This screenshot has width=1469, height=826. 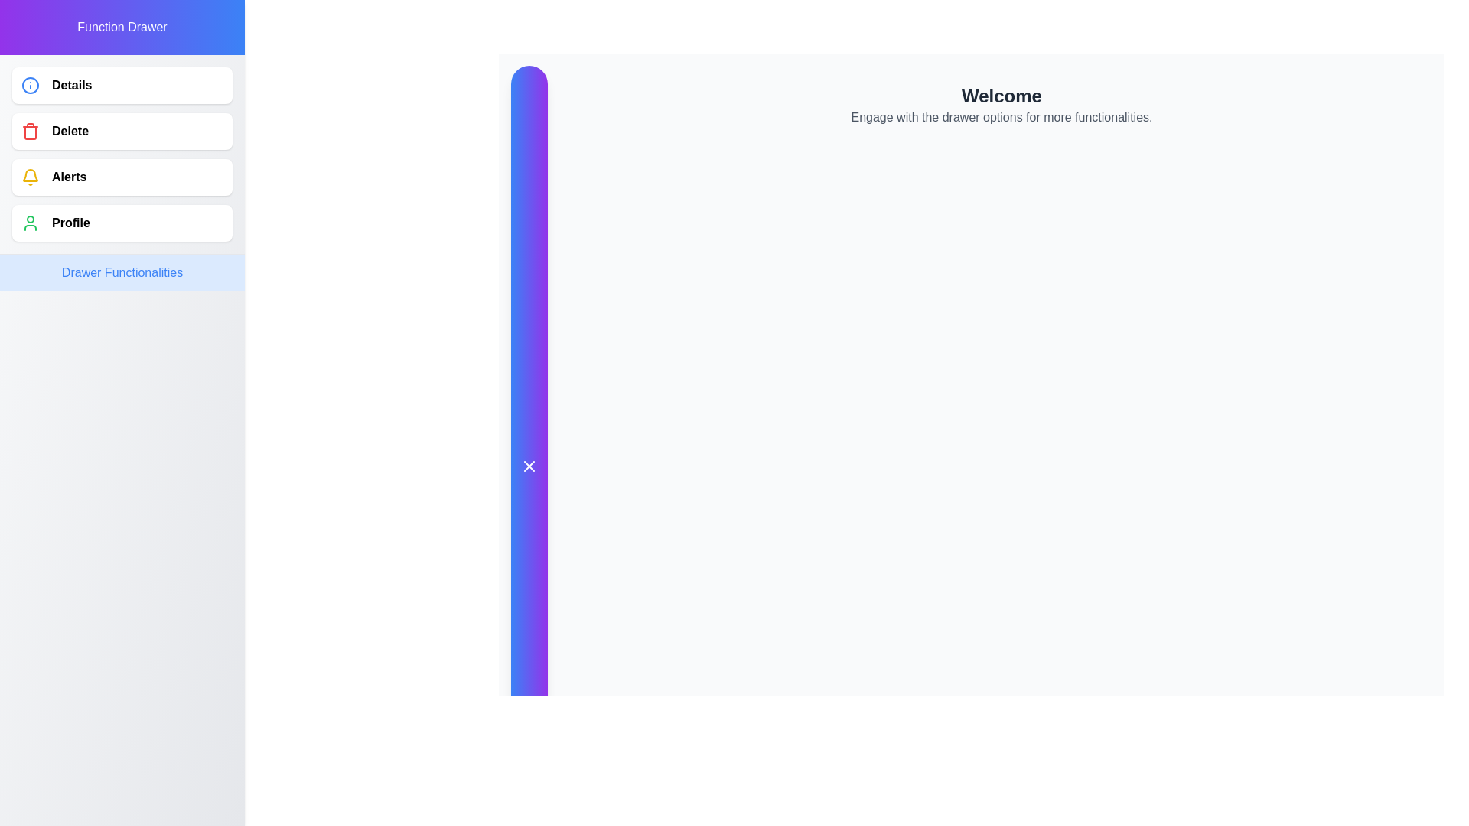 I want to click on the circular icon with a blue outline and a central dot, which is positioned to the left of the 'Details' text in the vertical menu list, so click(x=30, y=85).